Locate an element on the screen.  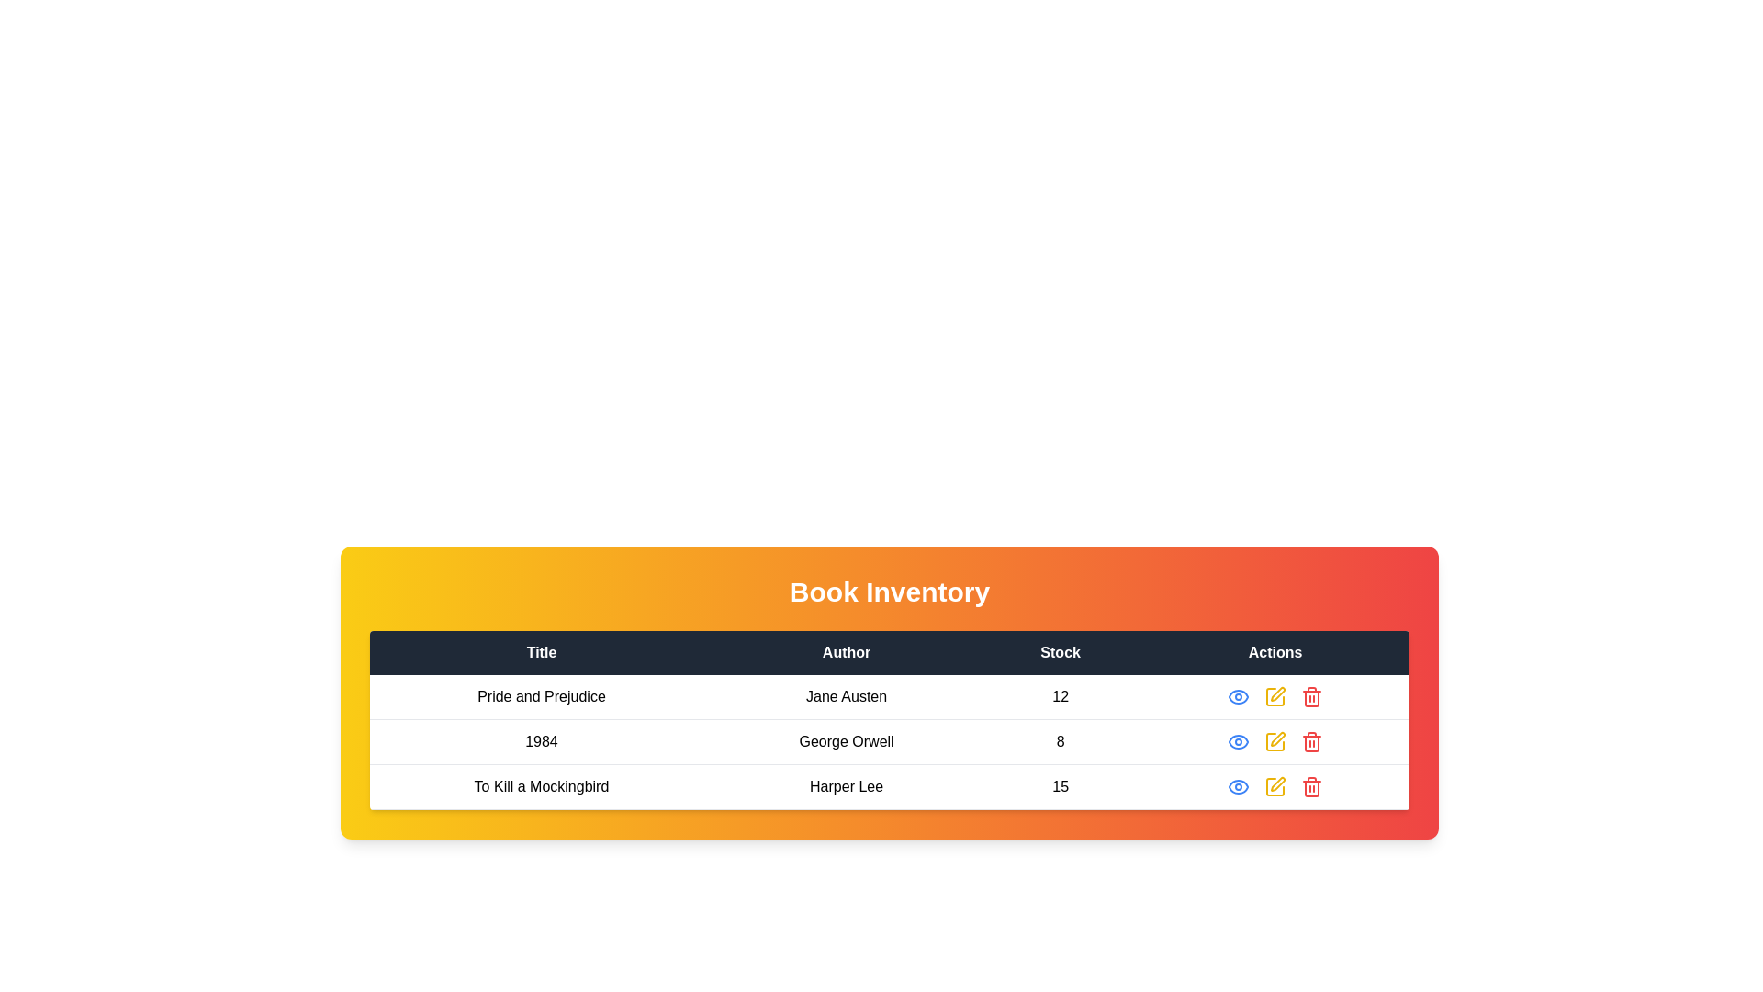
the yellow pen icon representing the editing feature located in the last row of the table under the 'Actions' column is located at coordinates (1277, 738).